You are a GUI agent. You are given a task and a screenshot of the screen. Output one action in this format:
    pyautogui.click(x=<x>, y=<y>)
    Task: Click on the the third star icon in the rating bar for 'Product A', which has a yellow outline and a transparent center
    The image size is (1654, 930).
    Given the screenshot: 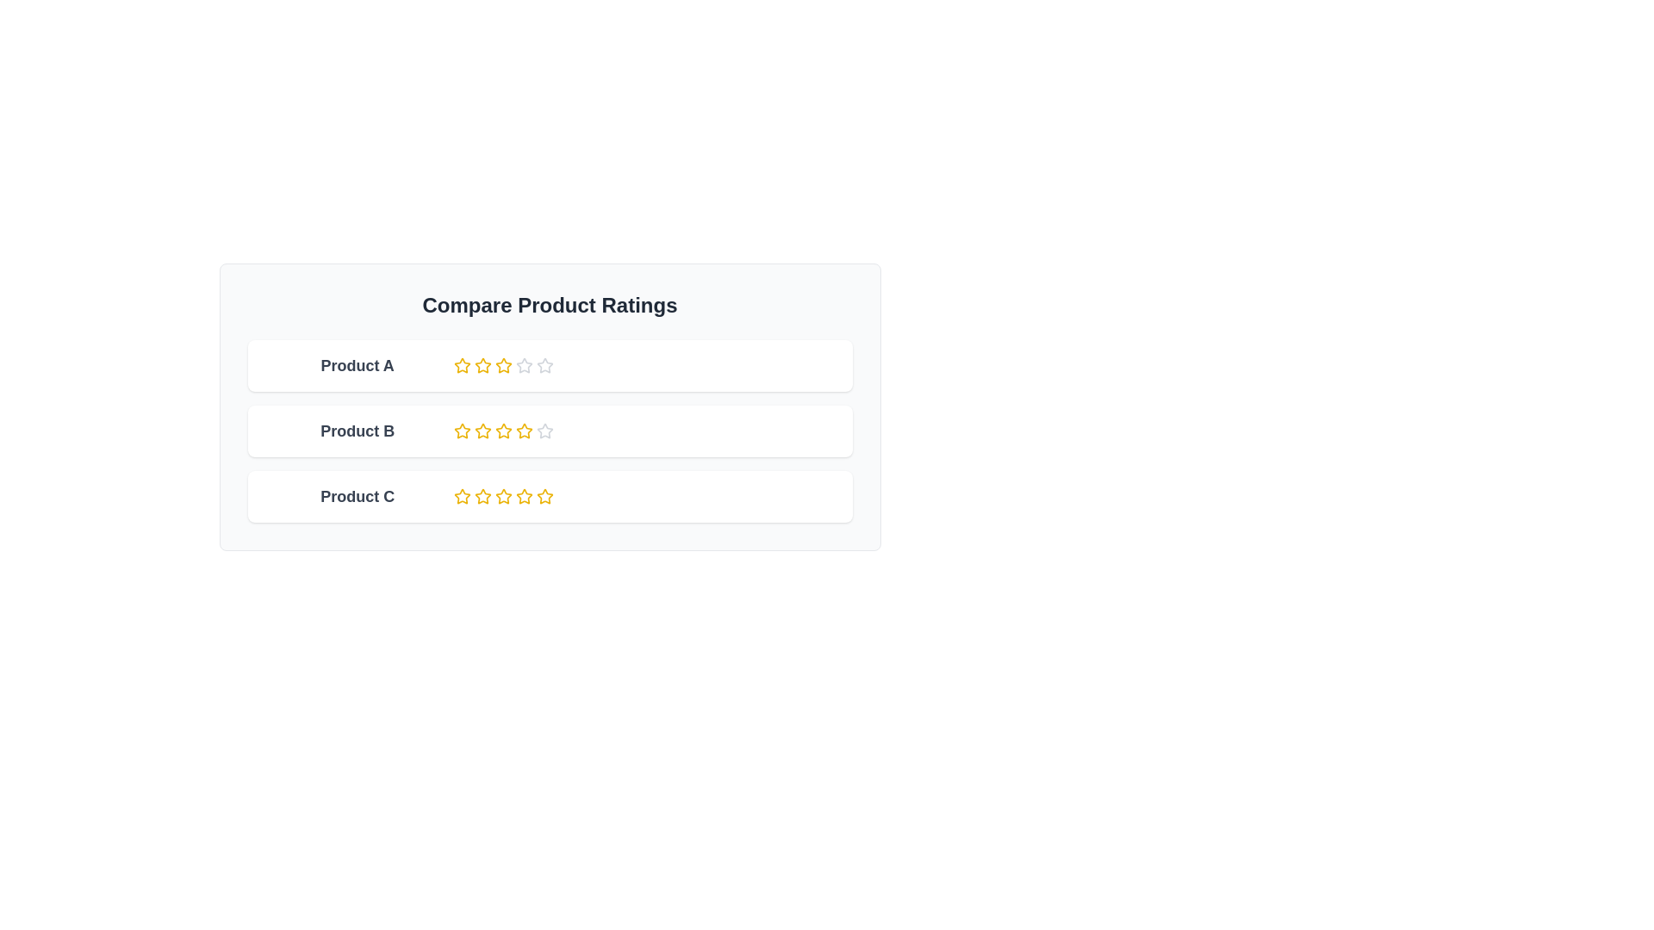 What is the action you would take?
    pyautogui.click(x=502, y=364)
    